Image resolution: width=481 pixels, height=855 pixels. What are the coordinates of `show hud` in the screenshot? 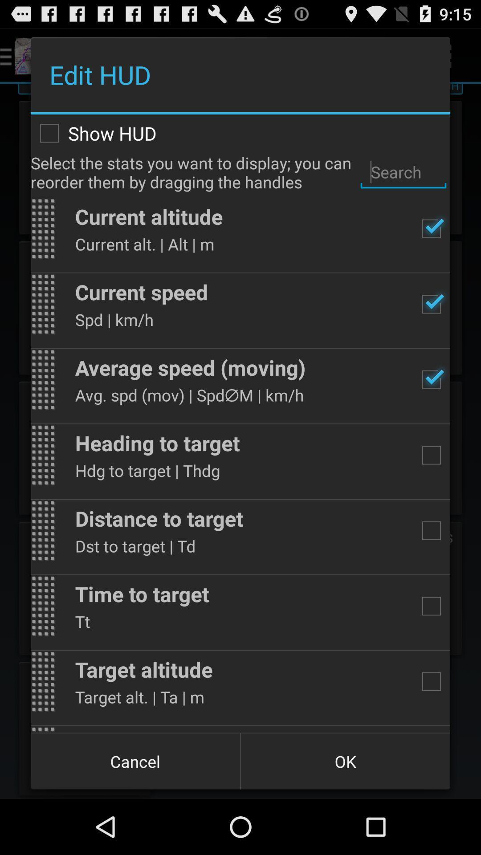 It's located at (240, 133).